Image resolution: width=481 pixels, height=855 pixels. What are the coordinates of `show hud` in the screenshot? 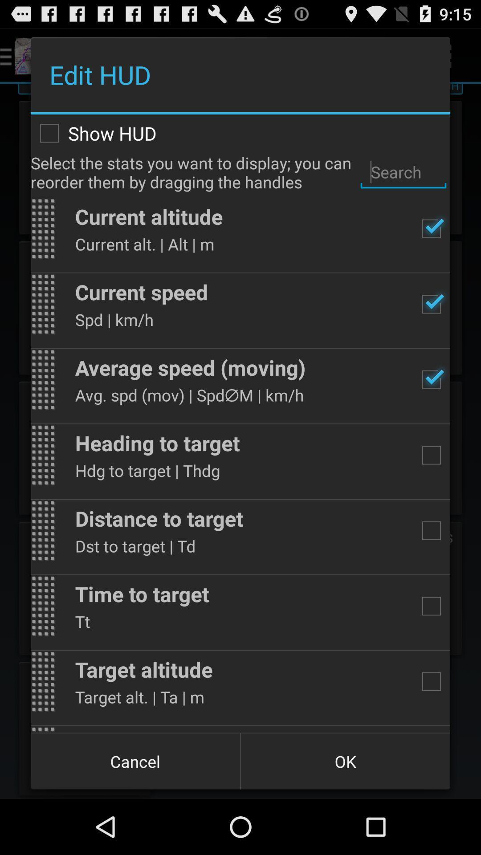 It's located at (240, 133).